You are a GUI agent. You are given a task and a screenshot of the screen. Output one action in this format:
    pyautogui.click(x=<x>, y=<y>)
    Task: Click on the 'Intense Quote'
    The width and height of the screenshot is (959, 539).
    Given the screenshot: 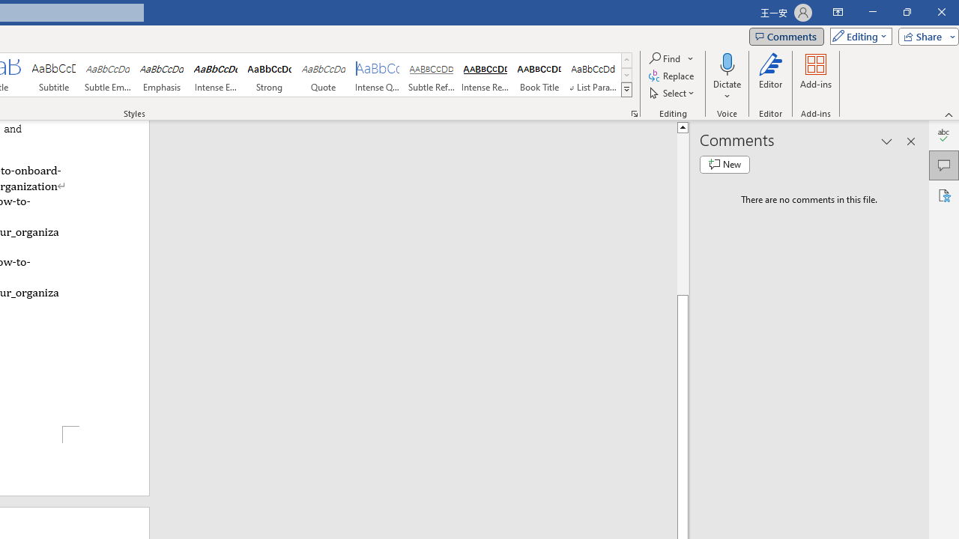 What is the action you would take?
    pyautogui.click(x=378, y=75)
    